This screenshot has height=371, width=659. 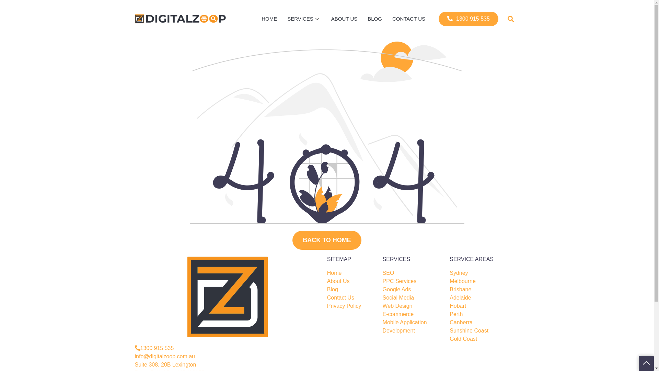 What do you see at coordinates (304, 18) in the screenshot?
I see `'SERVICES'` at bounding box center [304, 18].